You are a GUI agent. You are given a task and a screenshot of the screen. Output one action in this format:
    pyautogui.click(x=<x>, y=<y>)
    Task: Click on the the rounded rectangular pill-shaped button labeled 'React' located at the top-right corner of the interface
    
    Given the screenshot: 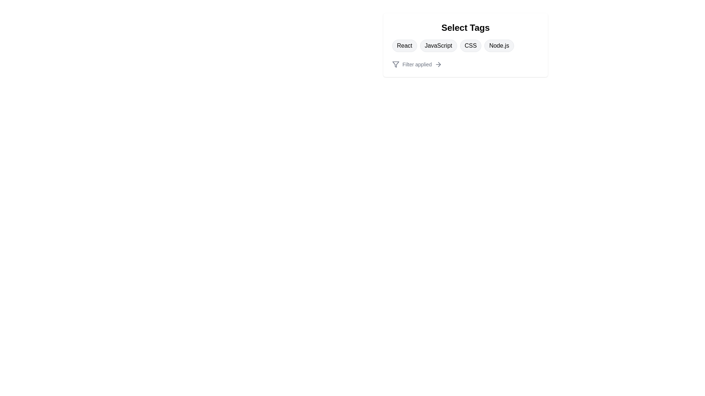 What is the action you would take?
    pyautogui.click(x=404, y=45)
    